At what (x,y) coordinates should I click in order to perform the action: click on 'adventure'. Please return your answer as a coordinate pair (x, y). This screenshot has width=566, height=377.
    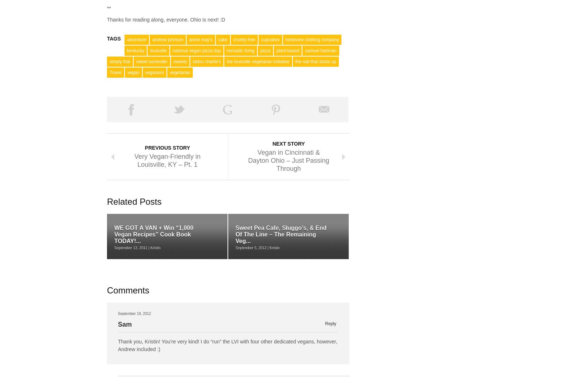
    Looking at the image, I should click on (136, 39).